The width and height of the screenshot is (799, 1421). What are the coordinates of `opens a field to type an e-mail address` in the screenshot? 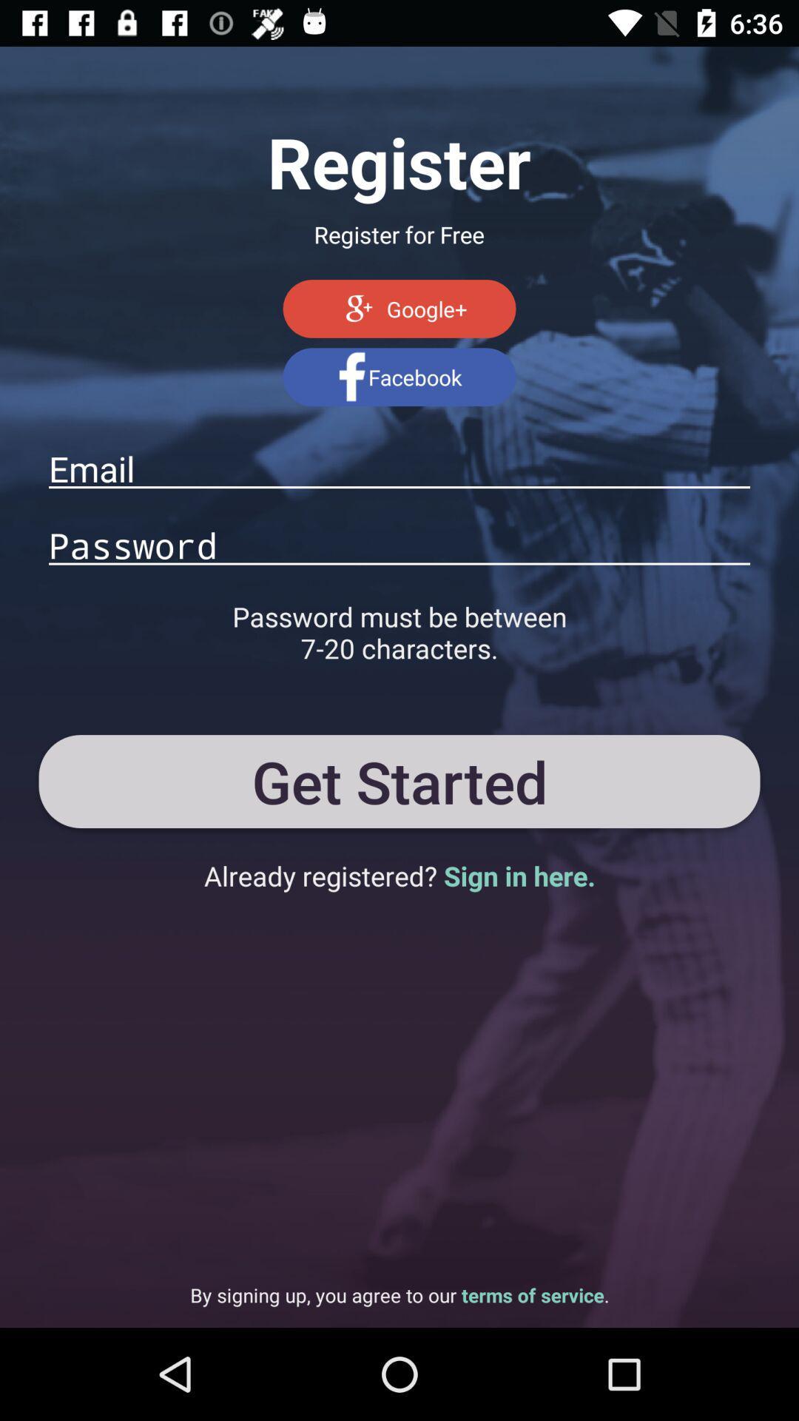 It's located at (399, 468).